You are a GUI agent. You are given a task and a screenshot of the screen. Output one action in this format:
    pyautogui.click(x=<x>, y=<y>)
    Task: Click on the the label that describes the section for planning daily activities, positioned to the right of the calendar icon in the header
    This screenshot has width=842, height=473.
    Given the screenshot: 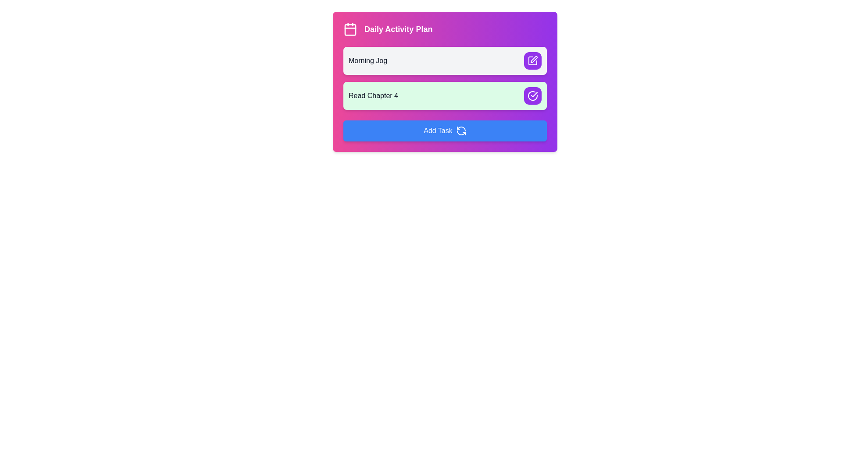 What is the action you would take?
    pyautogui.click(x=398, y=28)
    